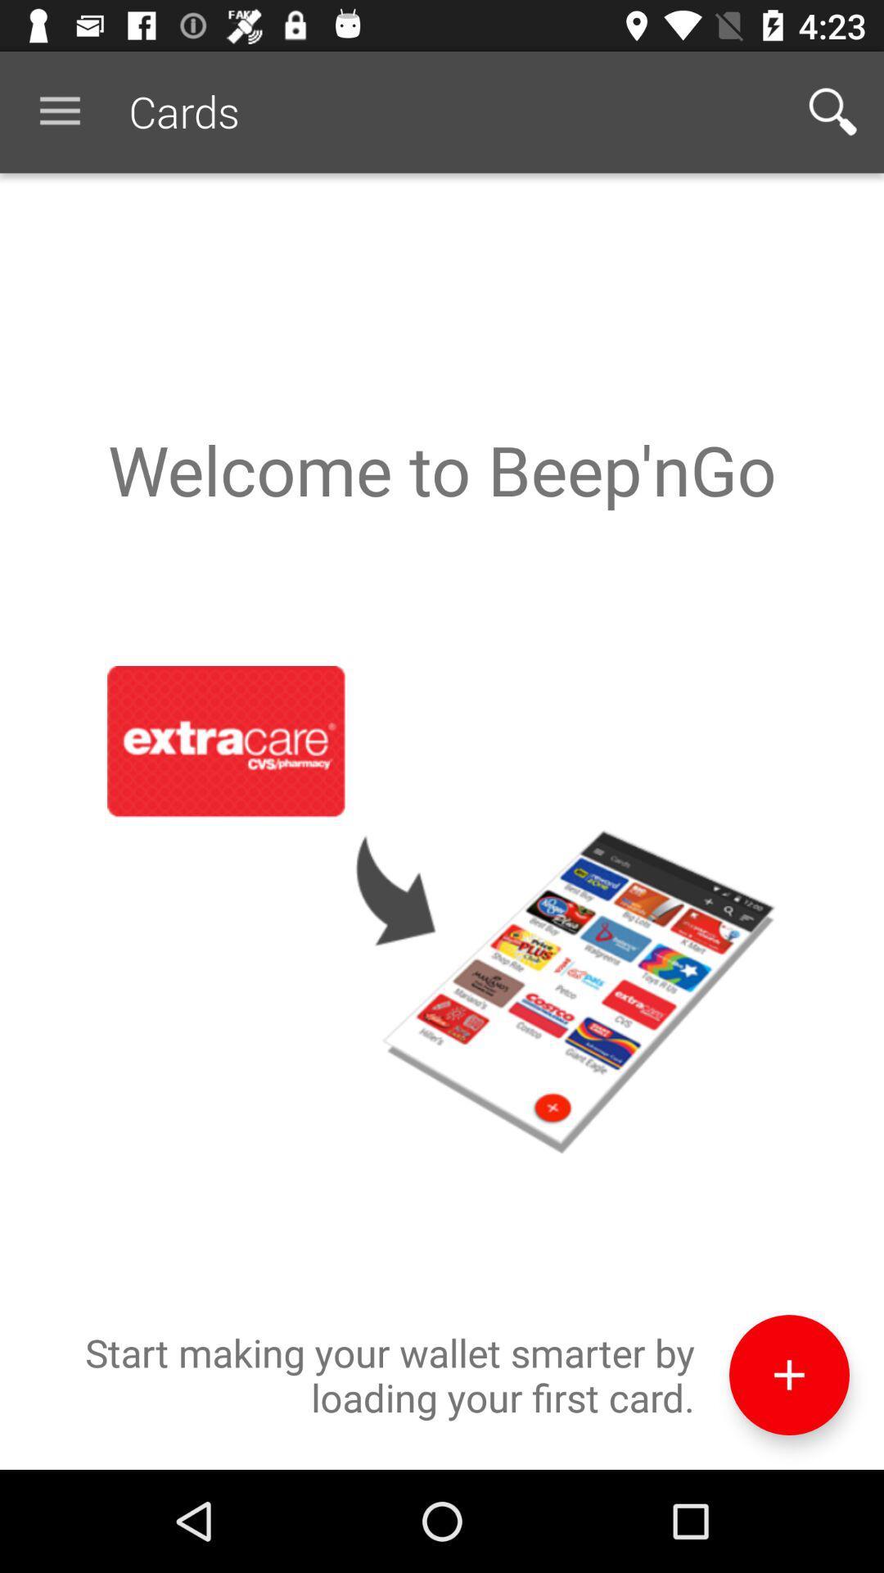 The height and width of the screenshot is (1573, 884). Describe the element at coordinates (59, 111) in the screenshot. I see `icon next to cards item` at that location.